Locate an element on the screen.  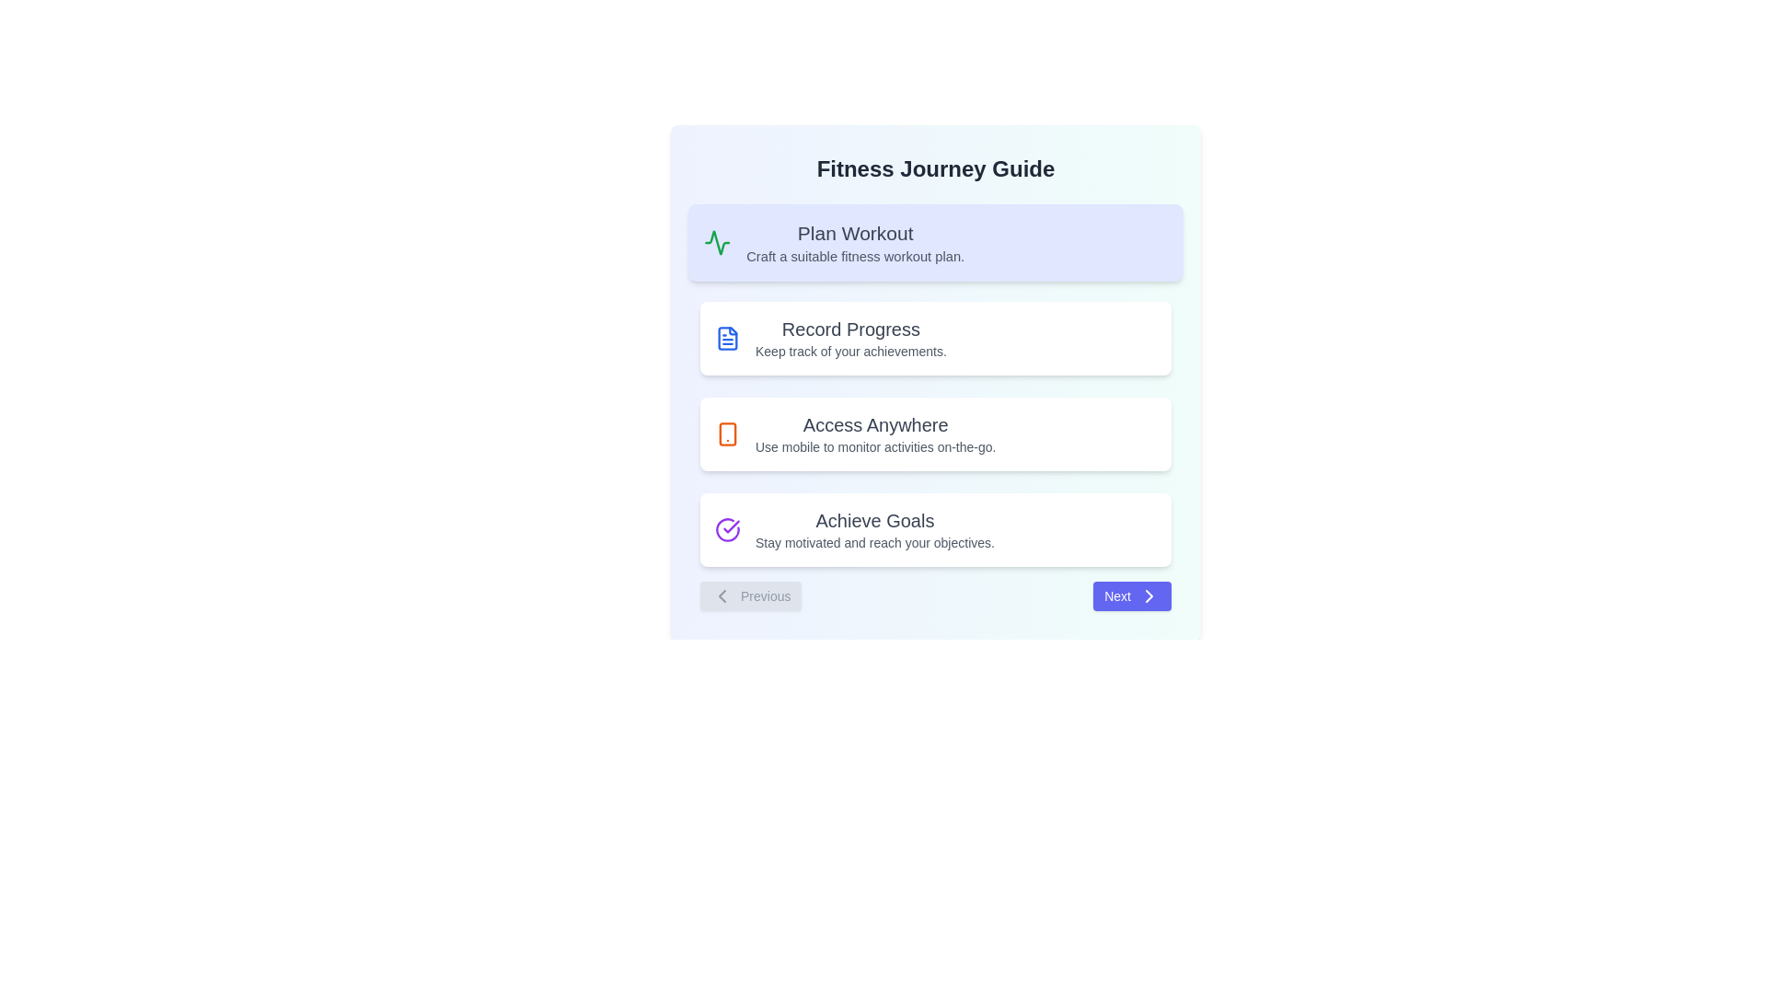
the decorative chevron graphic that is part of the button design, positioned to the right of the blue 'Next' button is located at coordinates (1148, 596).